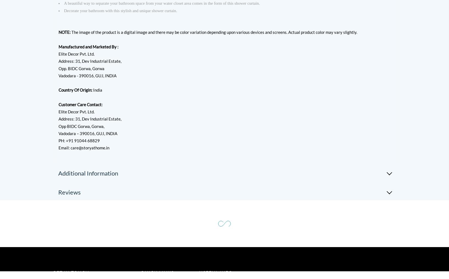  Describe the element at coordinates (64, 3) in the screenshot. I see `'A beautiful way to separate your bathroom space from your water closet area comes in the form of this shower curtain.'` at that location.